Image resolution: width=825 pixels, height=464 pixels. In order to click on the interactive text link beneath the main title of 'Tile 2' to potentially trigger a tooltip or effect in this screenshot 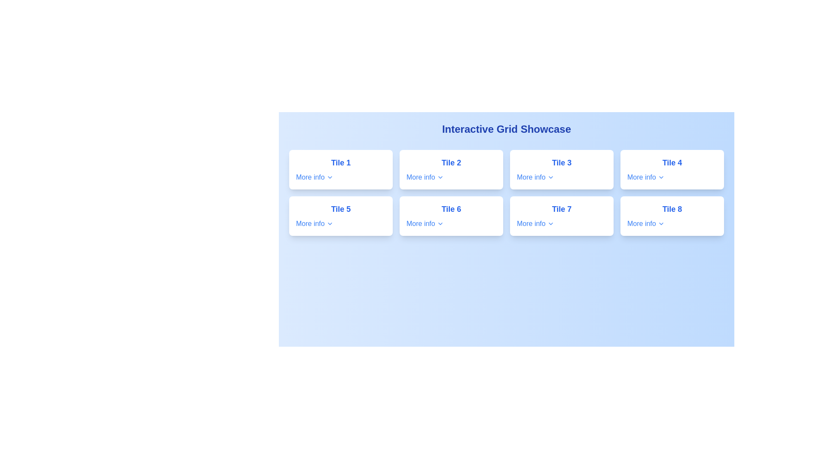, I will do `click(425, 177)`.